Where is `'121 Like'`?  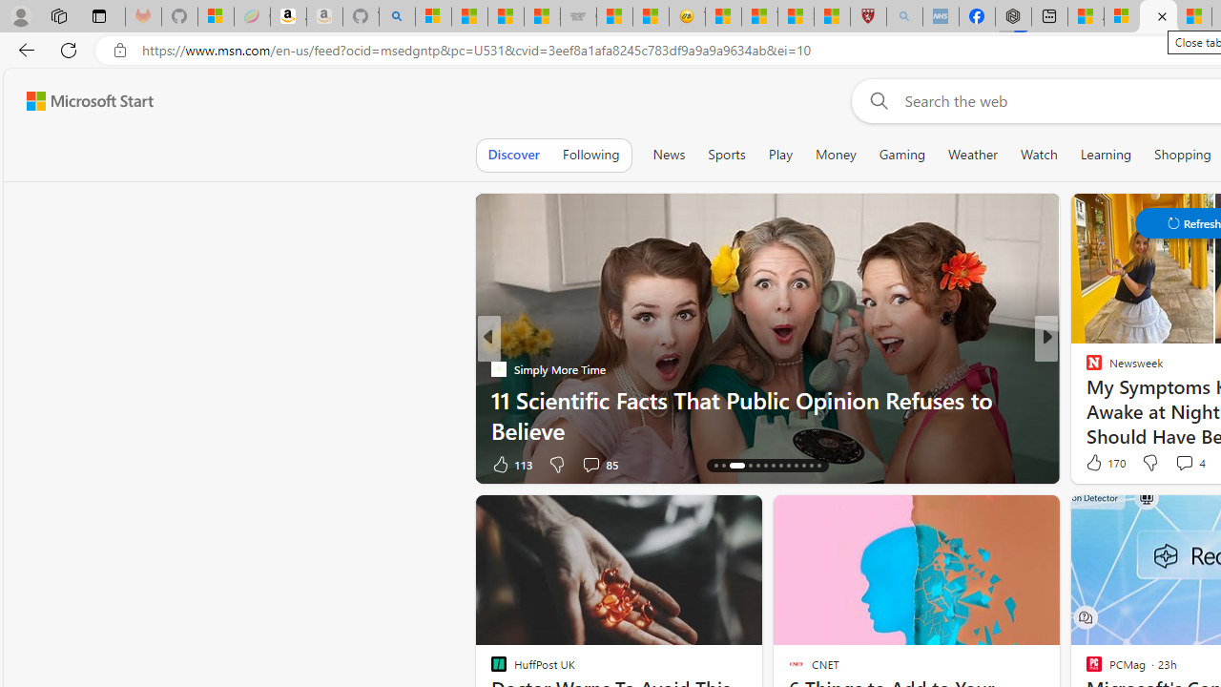
'121 Like' is located at coordinates (1099, 464).